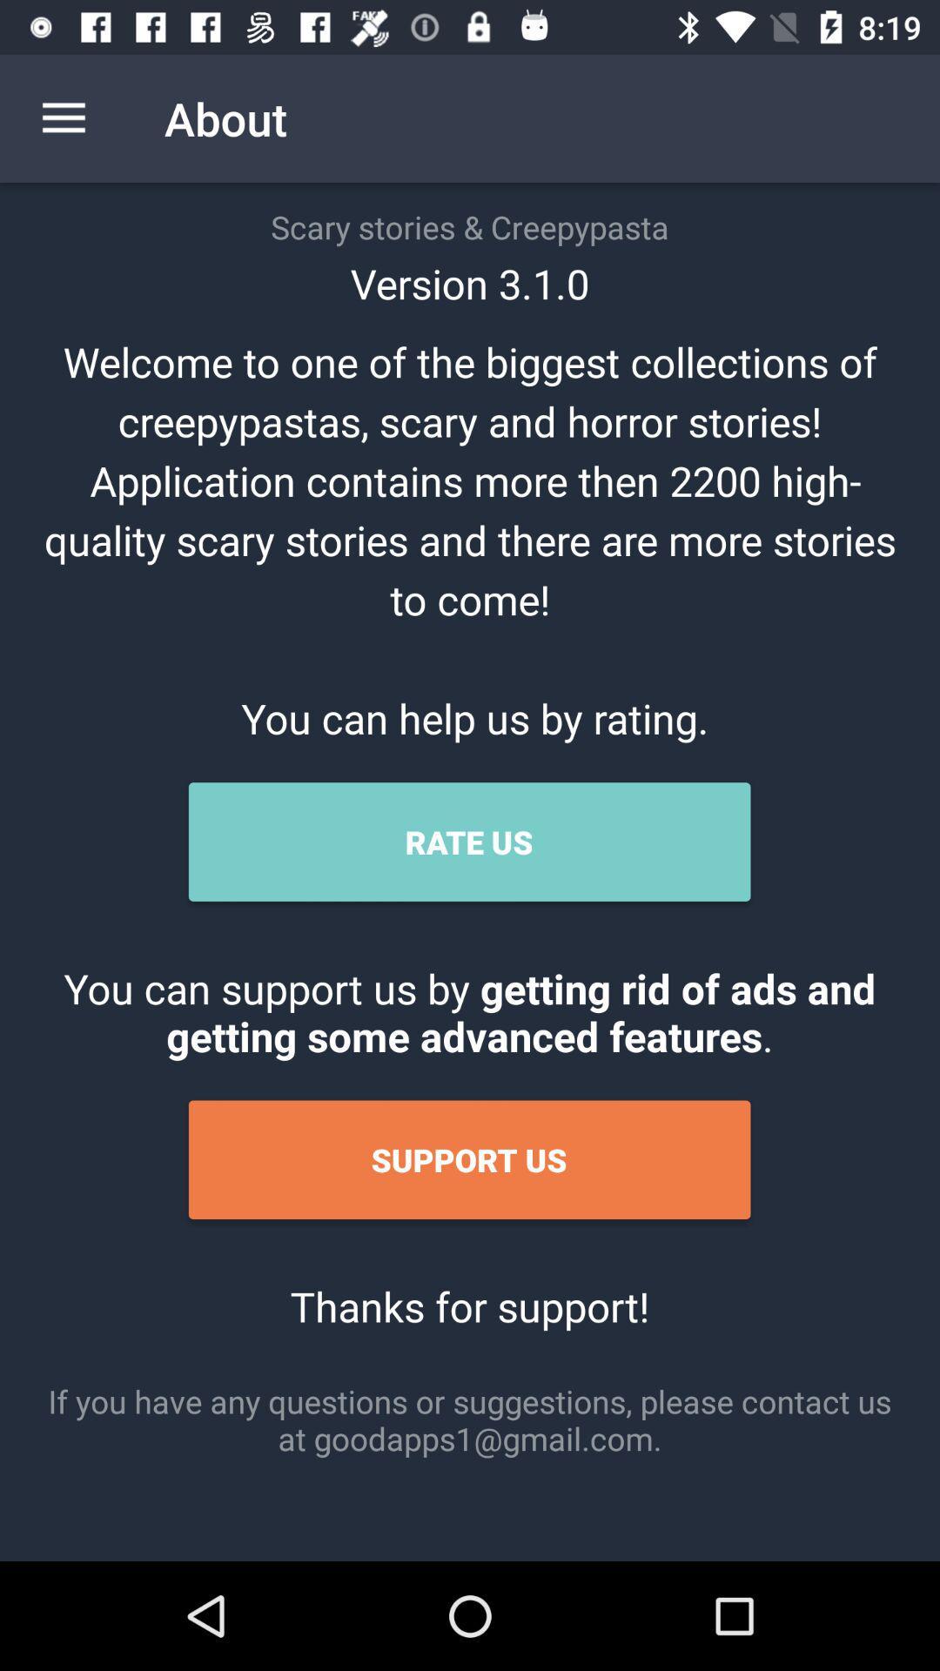 This screenshot has width=940, height=1671. Describe the element at coordinates (468, 842) in the screenshot. I see `the rate us item` at that location.